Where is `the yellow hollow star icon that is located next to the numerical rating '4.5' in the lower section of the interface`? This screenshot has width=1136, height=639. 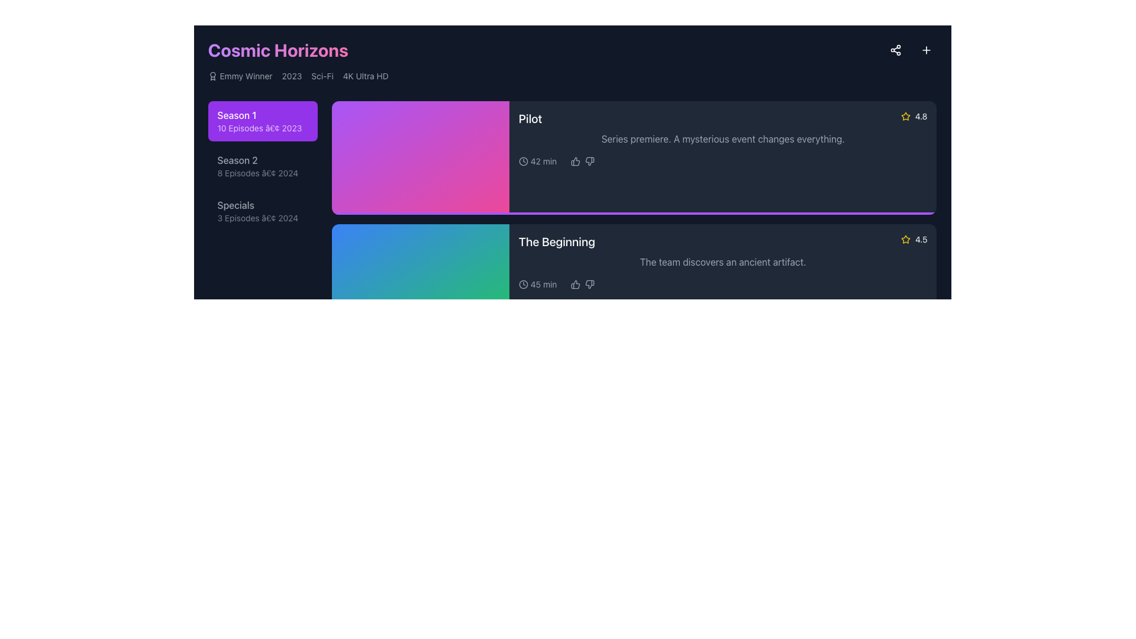 the yellow hollow star icon that is located next to the numerical rating '4.5' in the lower section of the interface is located at coordinates (905, 240).